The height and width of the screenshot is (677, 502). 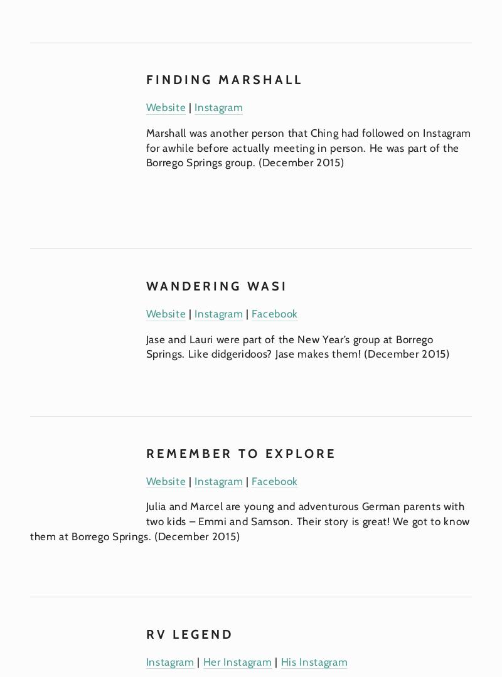 I want to click on 'Jase and Lauri were part of the New Year’s group at Borrego Springs. Like didgeridoos? Jase makes them! (December 2015)', so click(x=297, y=346).